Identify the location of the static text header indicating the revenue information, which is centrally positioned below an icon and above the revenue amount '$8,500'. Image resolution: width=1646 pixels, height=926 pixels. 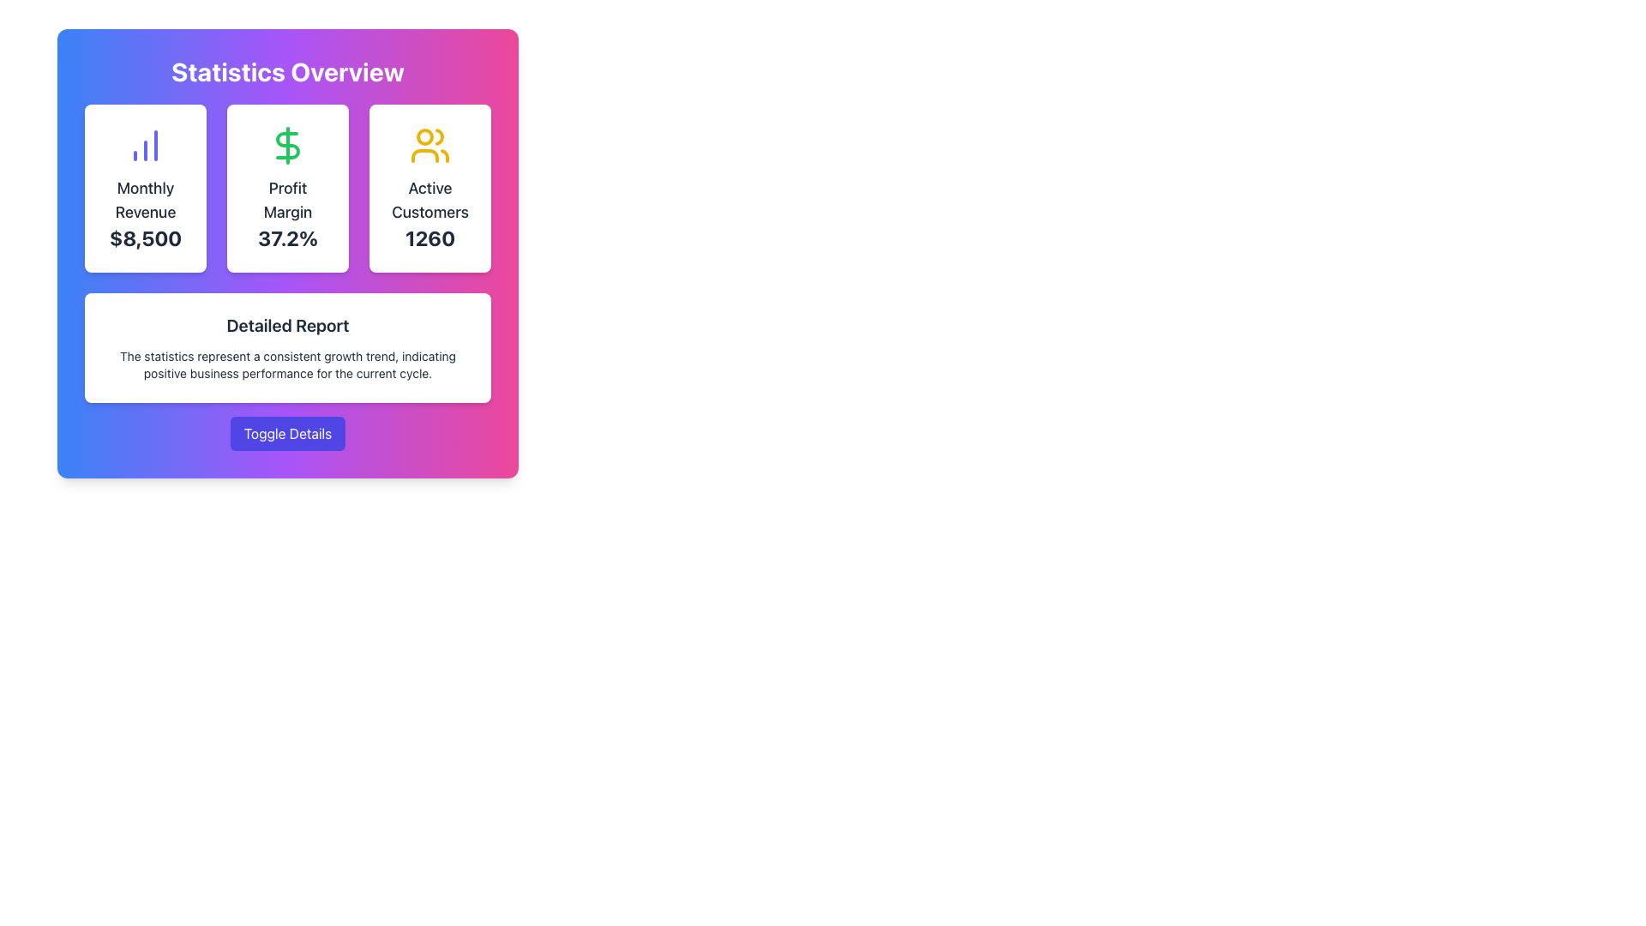
(145, 200).